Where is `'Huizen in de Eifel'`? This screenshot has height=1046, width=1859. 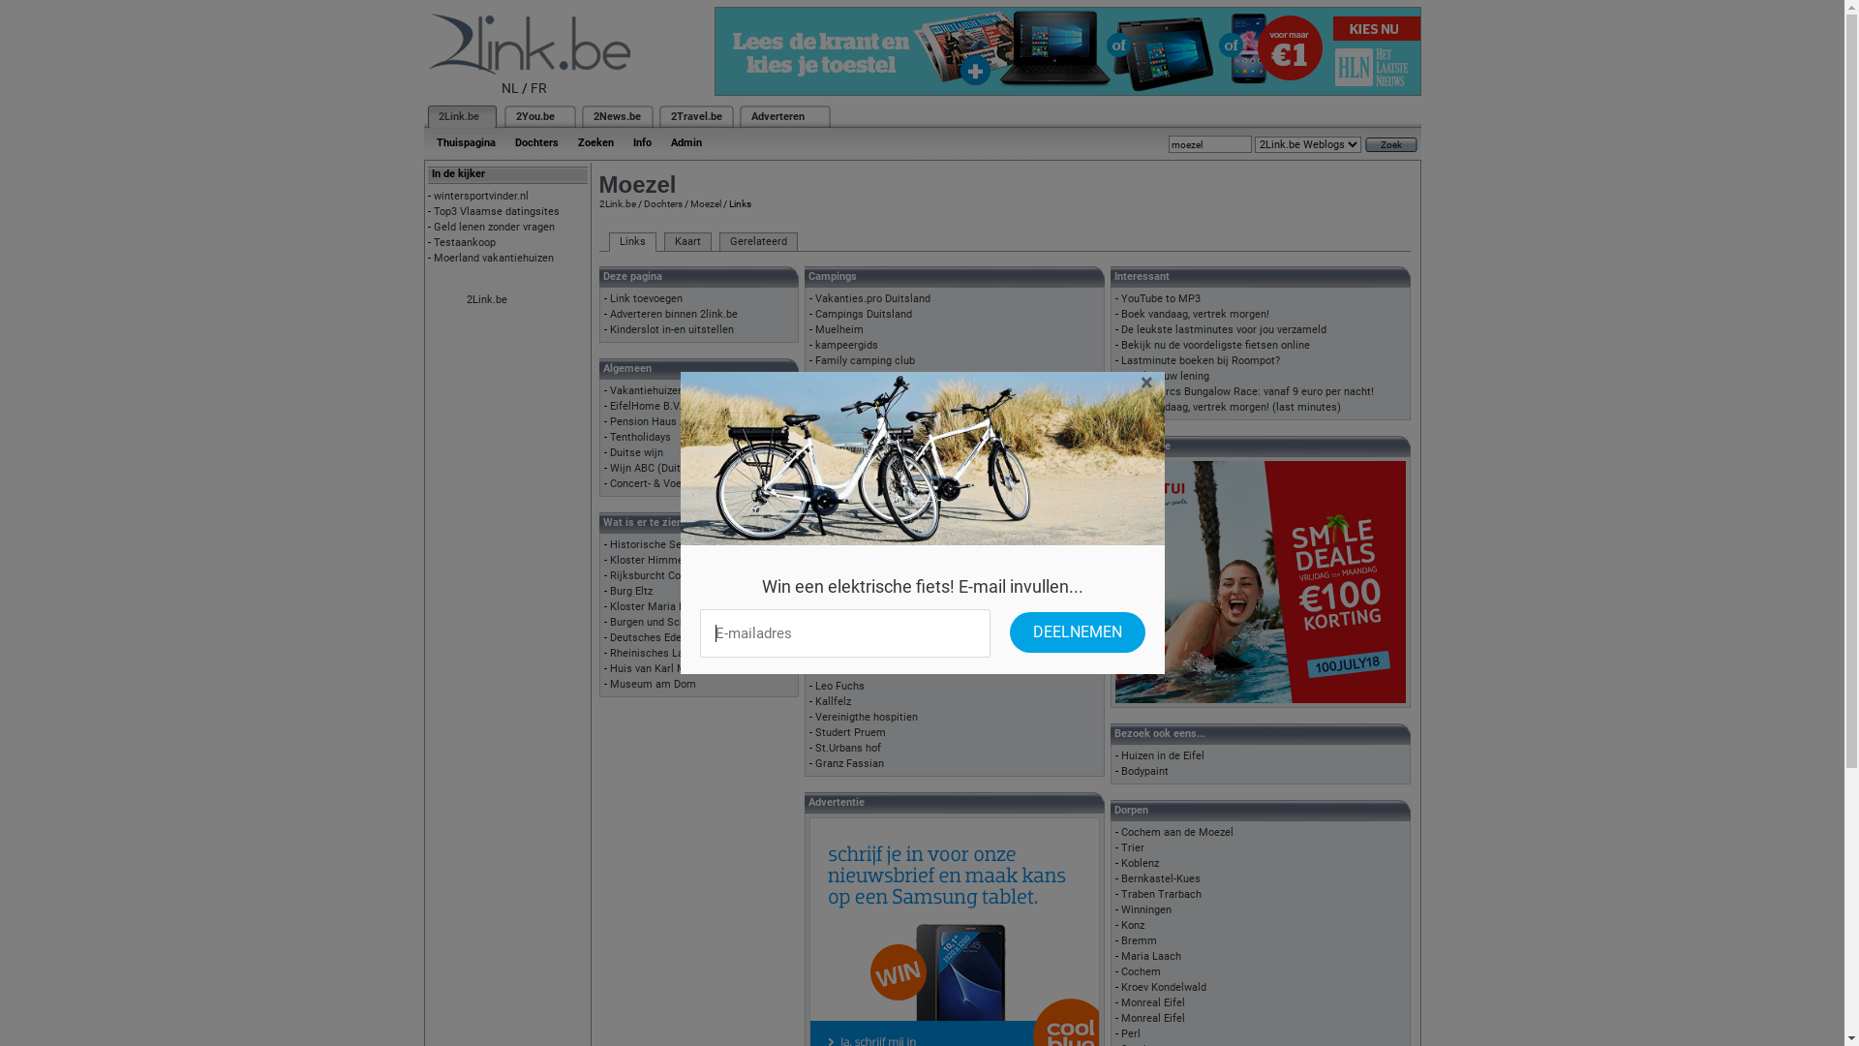 'Huizen in de Eifel' is located at coordinates (1162, 754).